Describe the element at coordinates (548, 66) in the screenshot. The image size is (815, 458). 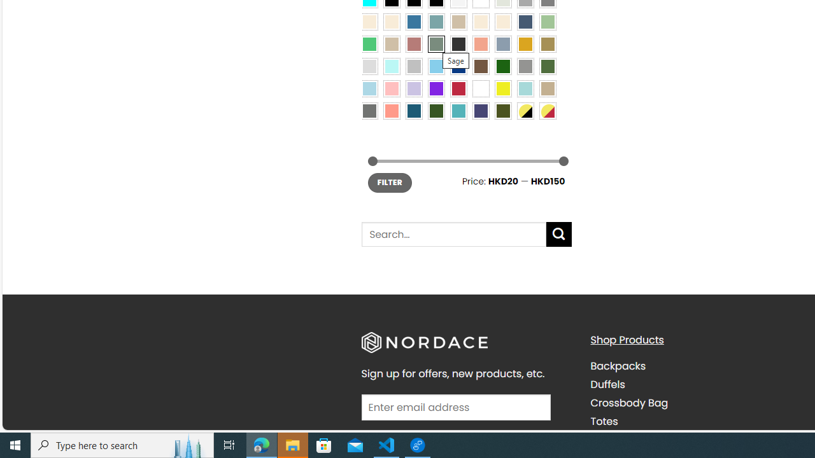
I see `'Green'` at that location.